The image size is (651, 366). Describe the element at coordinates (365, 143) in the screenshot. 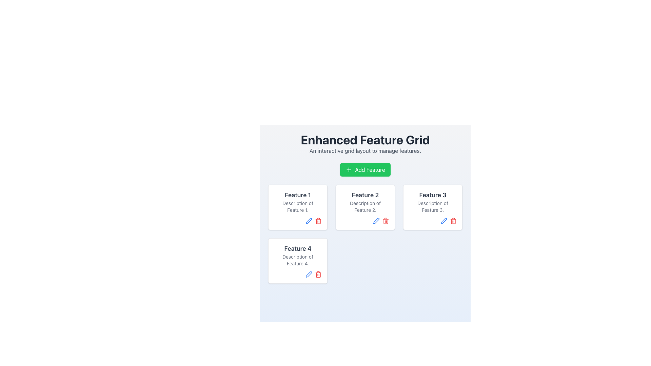

I see `the heading element located at the top-center of the interface, which introduces the section and is positioned directly above the green 'Add Feature' button` at that location.